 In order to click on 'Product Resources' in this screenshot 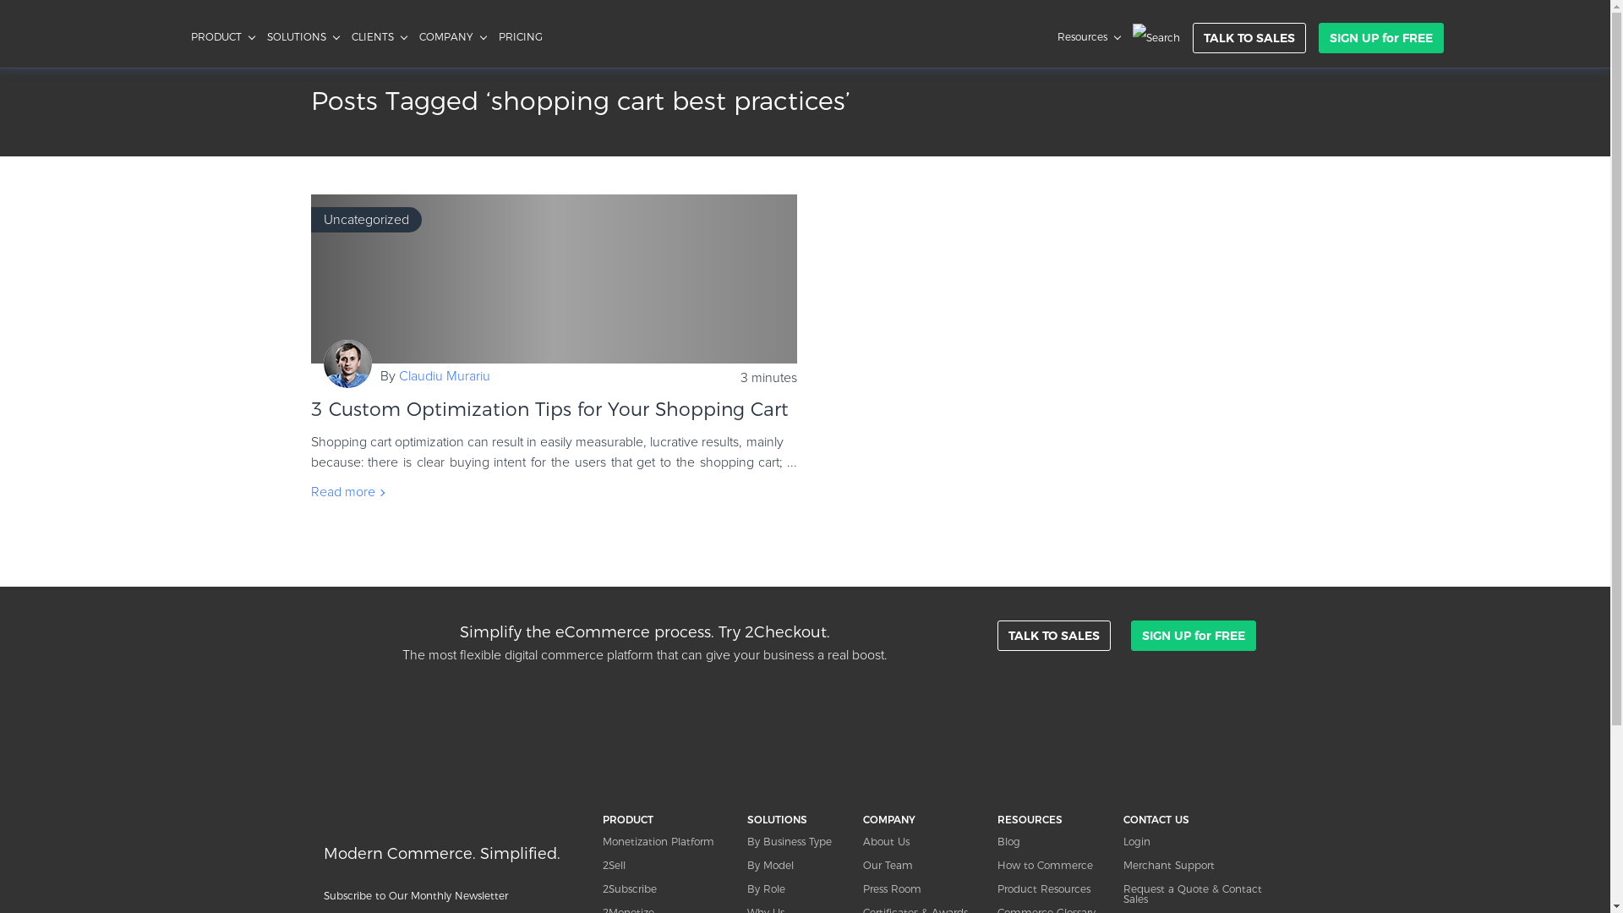, I will do `click(1049, 888)`.